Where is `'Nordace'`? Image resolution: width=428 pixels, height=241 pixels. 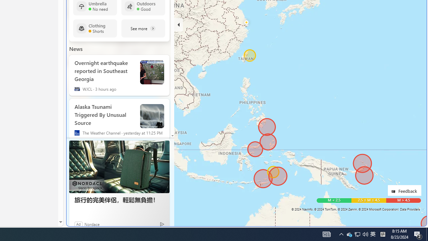
'Nordace' is located at coordinates (92, 224).